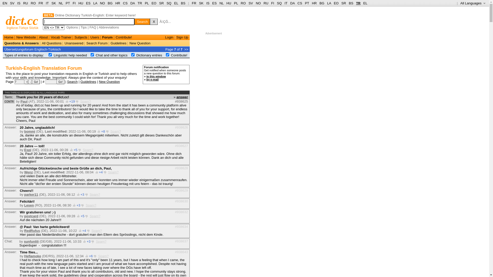 The width and height of the screenshot is (493, 277). Describe the element at coordinates (5, 102) in the screenshot. I see `'CONTR'` at that location.